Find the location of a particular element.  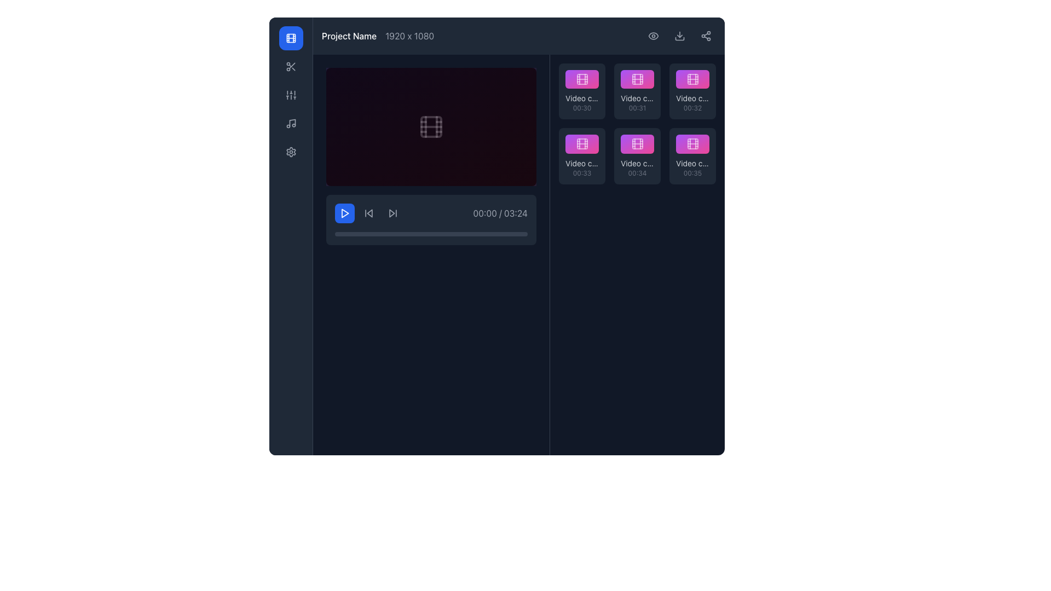

the blue rectangular button with a film reel icon located at the top of the left sidebar is located at coordinates (291, 37).